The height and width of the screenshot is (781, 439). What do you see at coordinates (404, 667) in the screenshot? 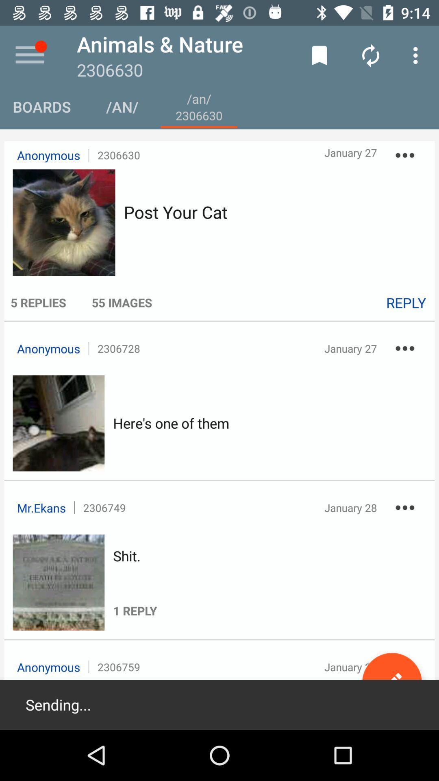
I see `the icon next to january 28 item` at bounding box center [404, 667].